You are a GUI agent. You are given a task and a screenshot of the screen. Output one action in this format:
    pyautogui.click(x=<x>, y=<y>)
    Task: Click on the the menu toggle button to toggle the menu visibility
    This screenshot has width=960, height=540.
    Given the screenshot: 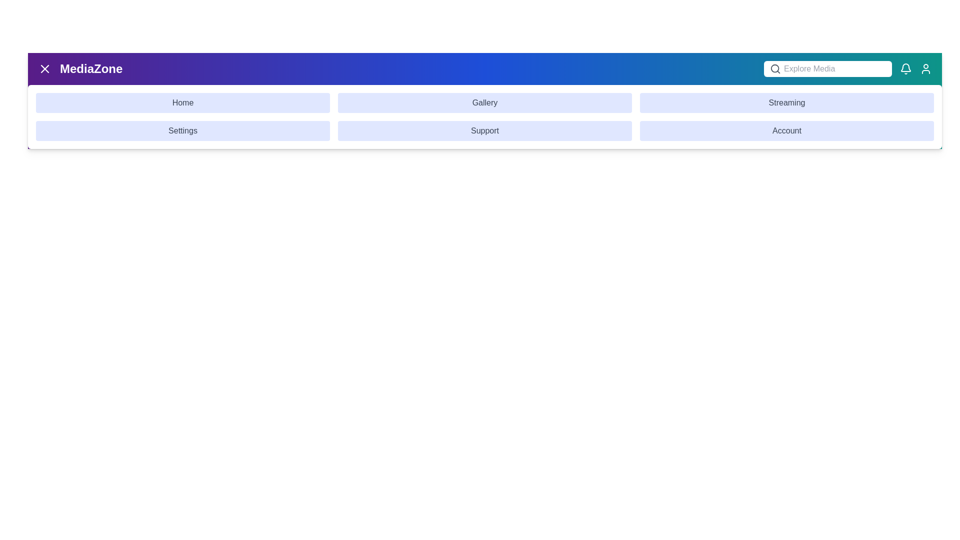 What is the action you would take?
    pyautogui.click(x=44, y=68)
    